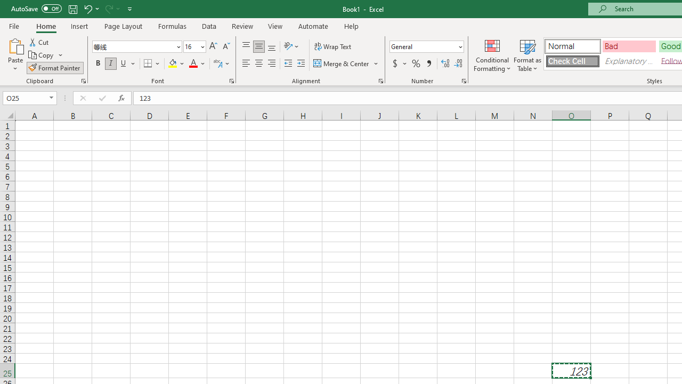 Image resolution: width=682 pixels, height=384 pixels. I want to click on 'Italic', so click(111, 63).